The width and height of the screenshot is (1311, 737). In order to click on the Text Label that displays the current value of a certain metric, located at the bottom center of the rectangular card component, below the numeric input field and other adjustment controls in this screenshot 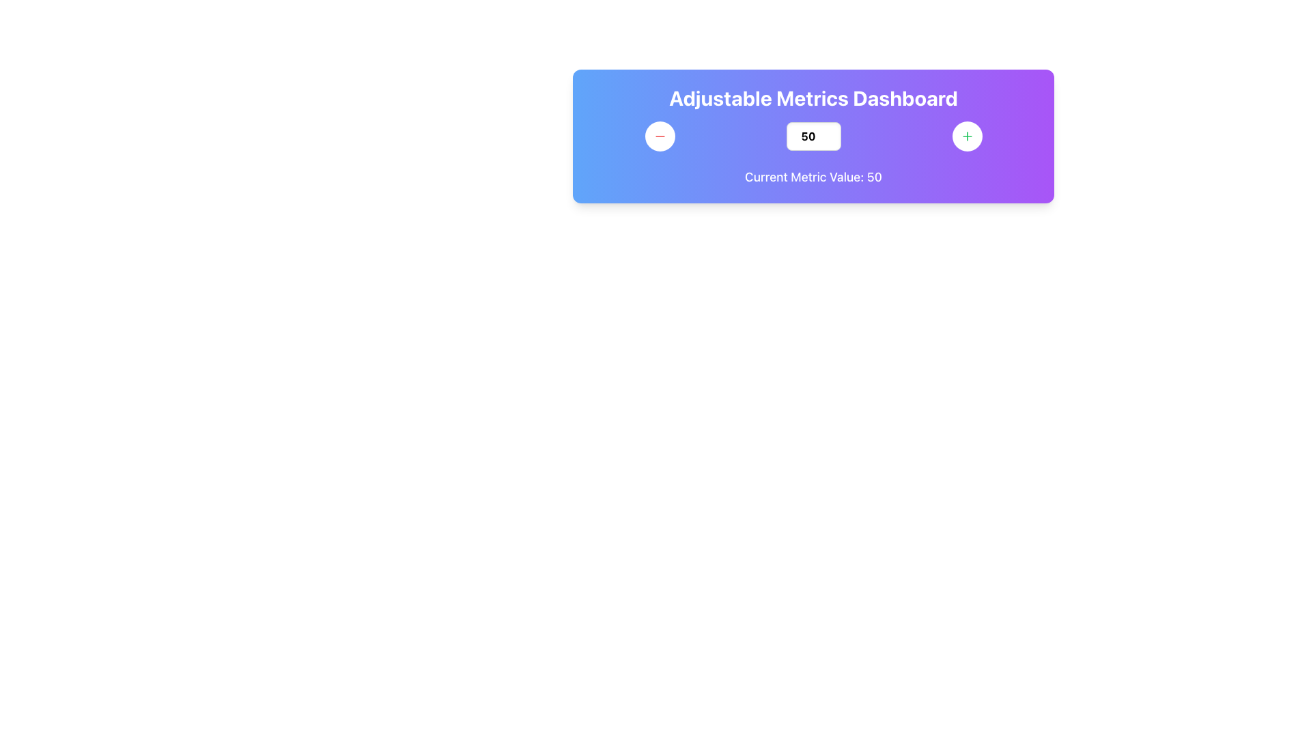, I will do `click(813, 176)`.